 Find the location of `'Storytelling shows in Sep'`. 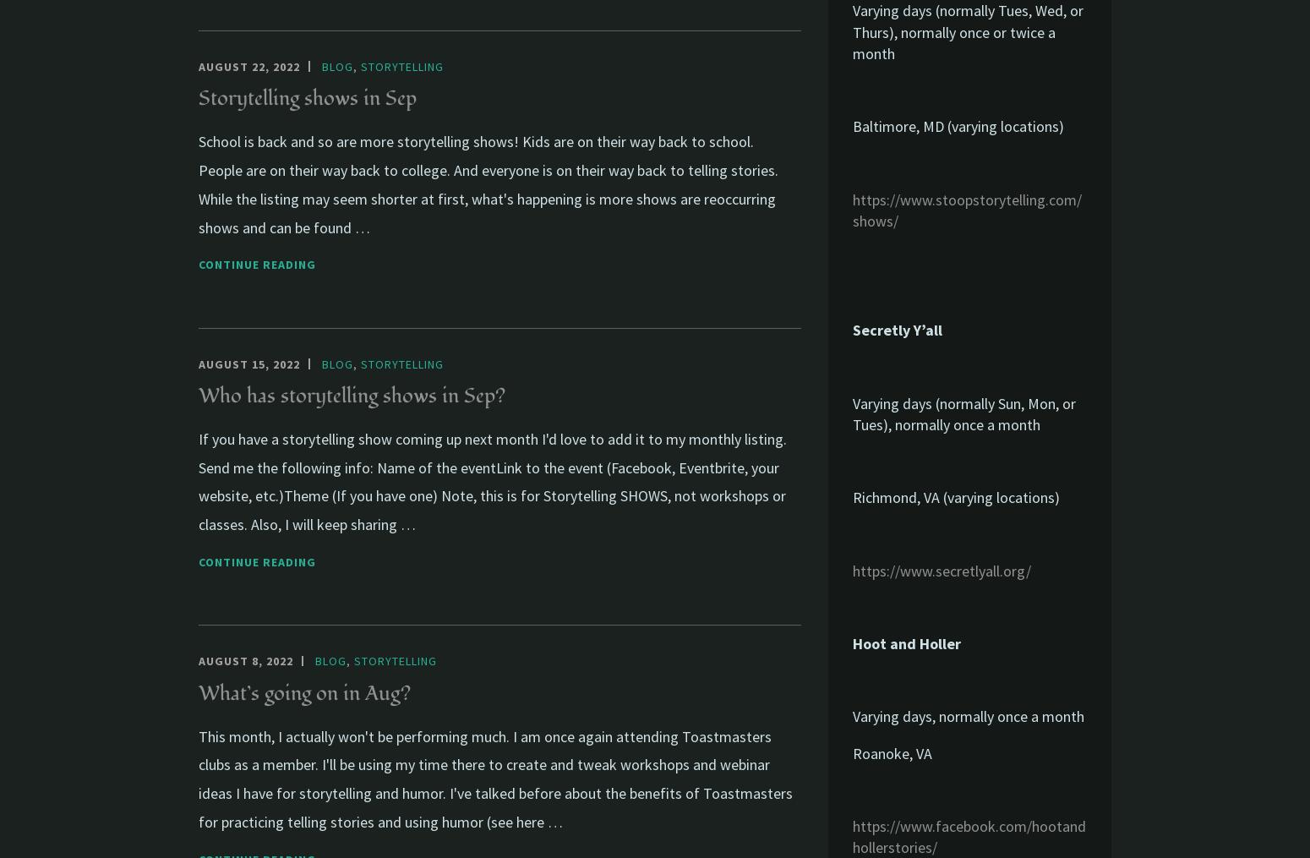

'Storytelling shows in Sep' is located at coordinates (306, 98).